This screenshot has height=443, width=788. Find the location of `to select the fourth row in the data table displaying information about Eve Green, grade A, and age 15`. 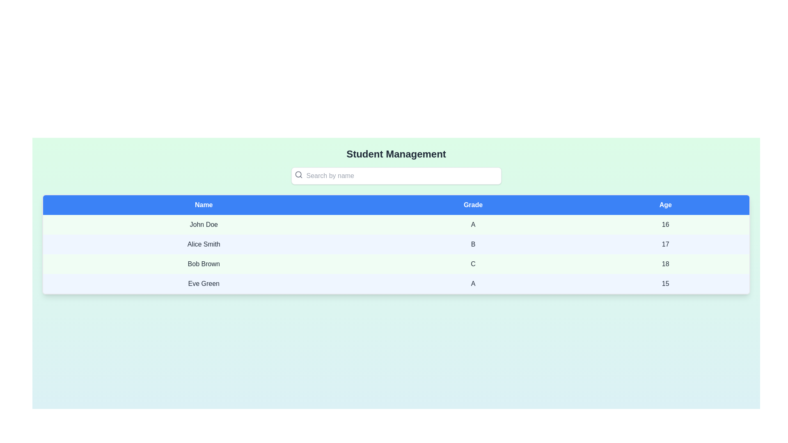

to select the fourth row in the data table displaying information about Eve Green, grade A, and age 15 is located at coordinates (396, 283).